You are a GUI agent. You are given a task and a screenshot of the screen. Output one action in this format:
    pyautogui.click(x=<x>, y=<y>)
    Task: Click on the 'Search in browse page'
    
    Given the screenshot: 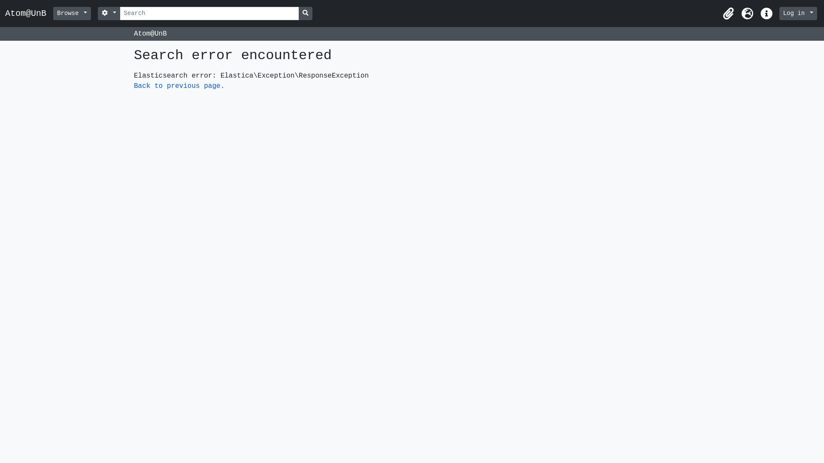 What is the action you would take?
    pyautogui.click(x=305, y=13)
    